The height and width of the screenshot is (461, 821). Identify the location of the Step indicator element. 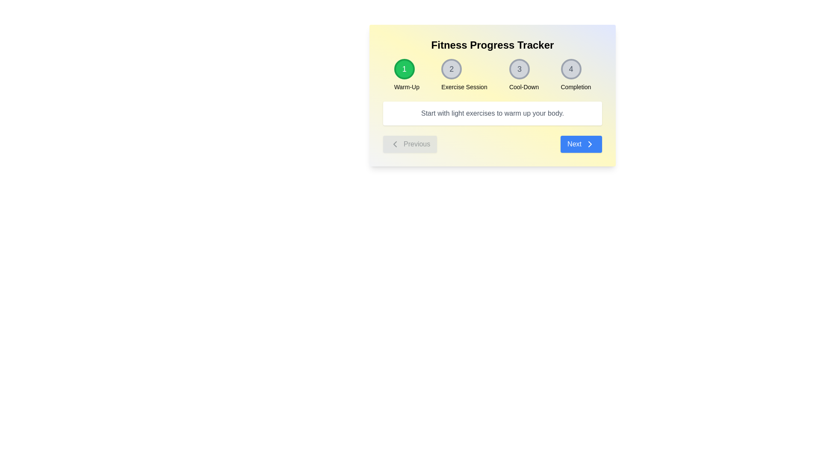
(571, 69).